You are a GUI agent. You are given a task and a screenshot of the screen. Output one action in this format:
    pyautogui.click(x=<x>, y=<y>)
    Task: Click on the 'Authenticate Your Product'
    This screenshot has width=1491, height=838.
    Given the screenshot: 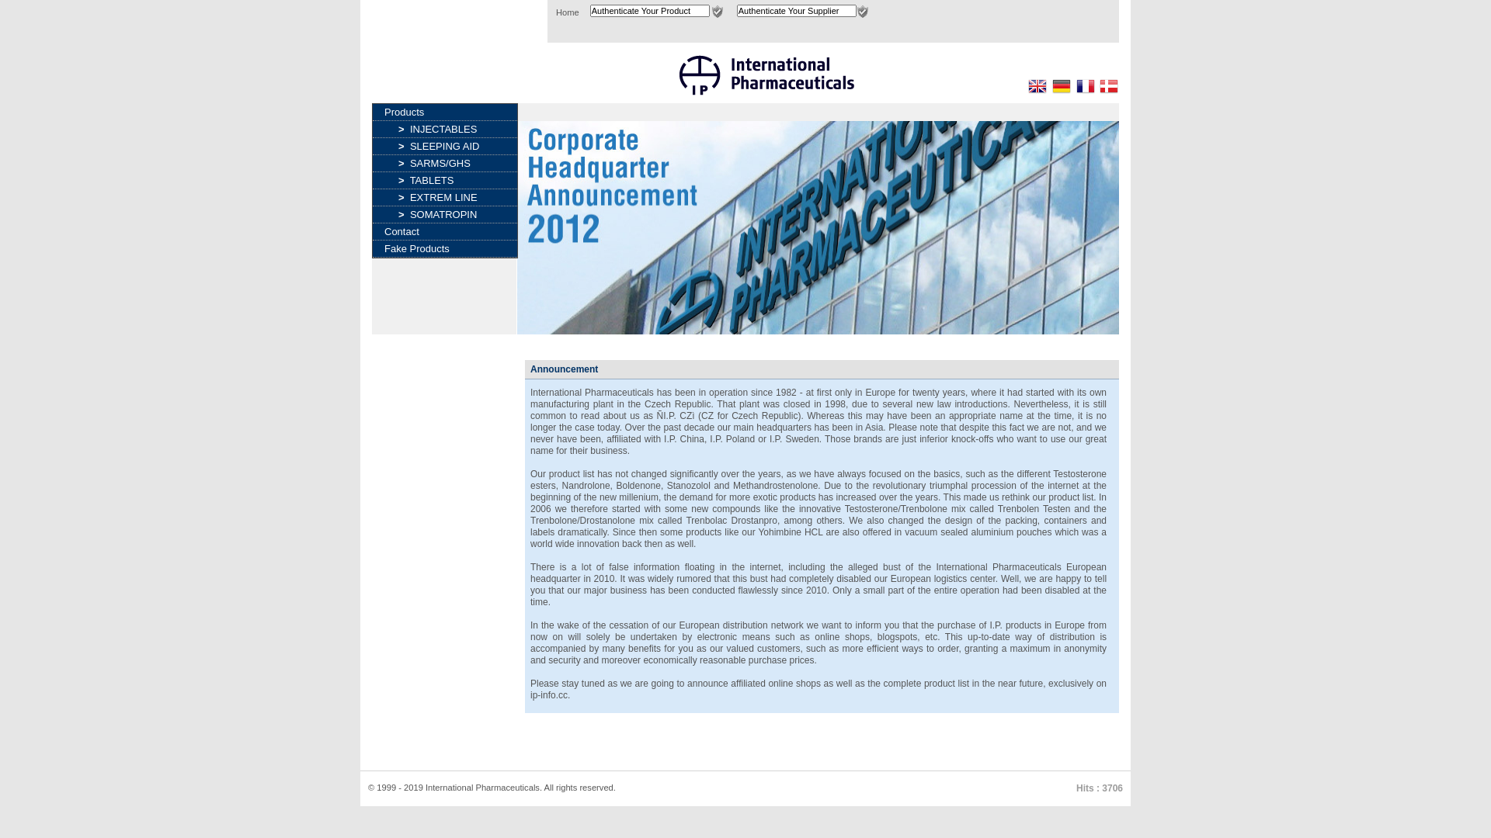 What is the action you would take?
    pyautogui.click(x=589, y=11)
    